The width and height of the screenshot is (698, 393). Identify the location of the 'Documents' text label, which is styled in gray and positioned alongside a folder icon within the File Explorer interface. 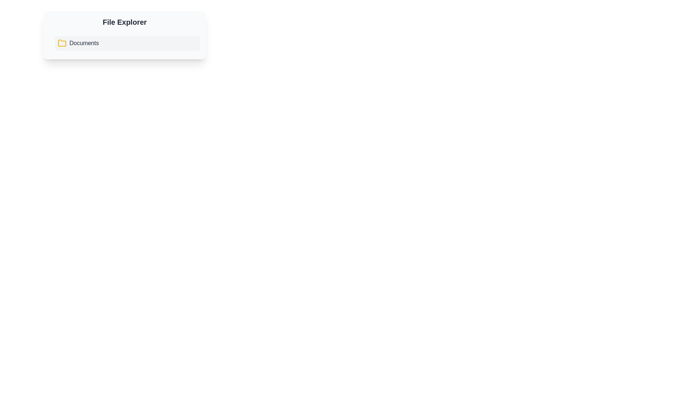
(84, 43).